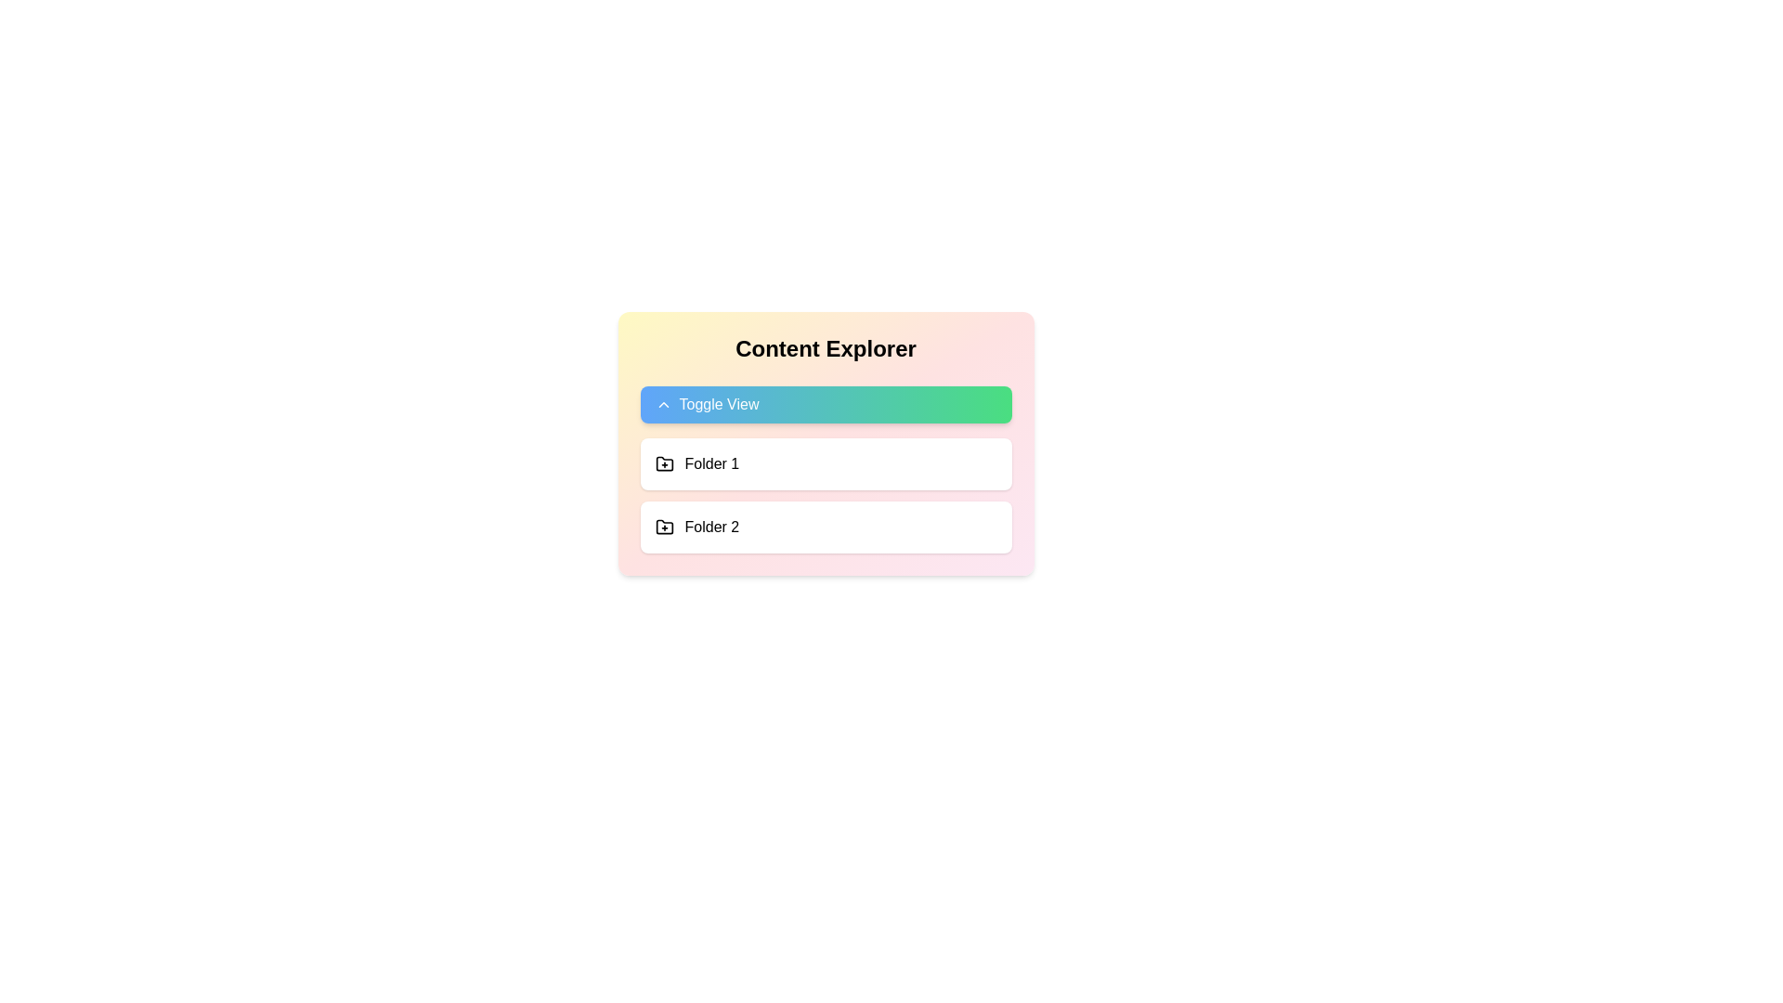  Describe the element at coordinates (664, 463) in the screenshot. I see `the interactive icon for creating or adding a new item associated with 'Folder 1', located to the left of the text 'Folder 1'` at that location.